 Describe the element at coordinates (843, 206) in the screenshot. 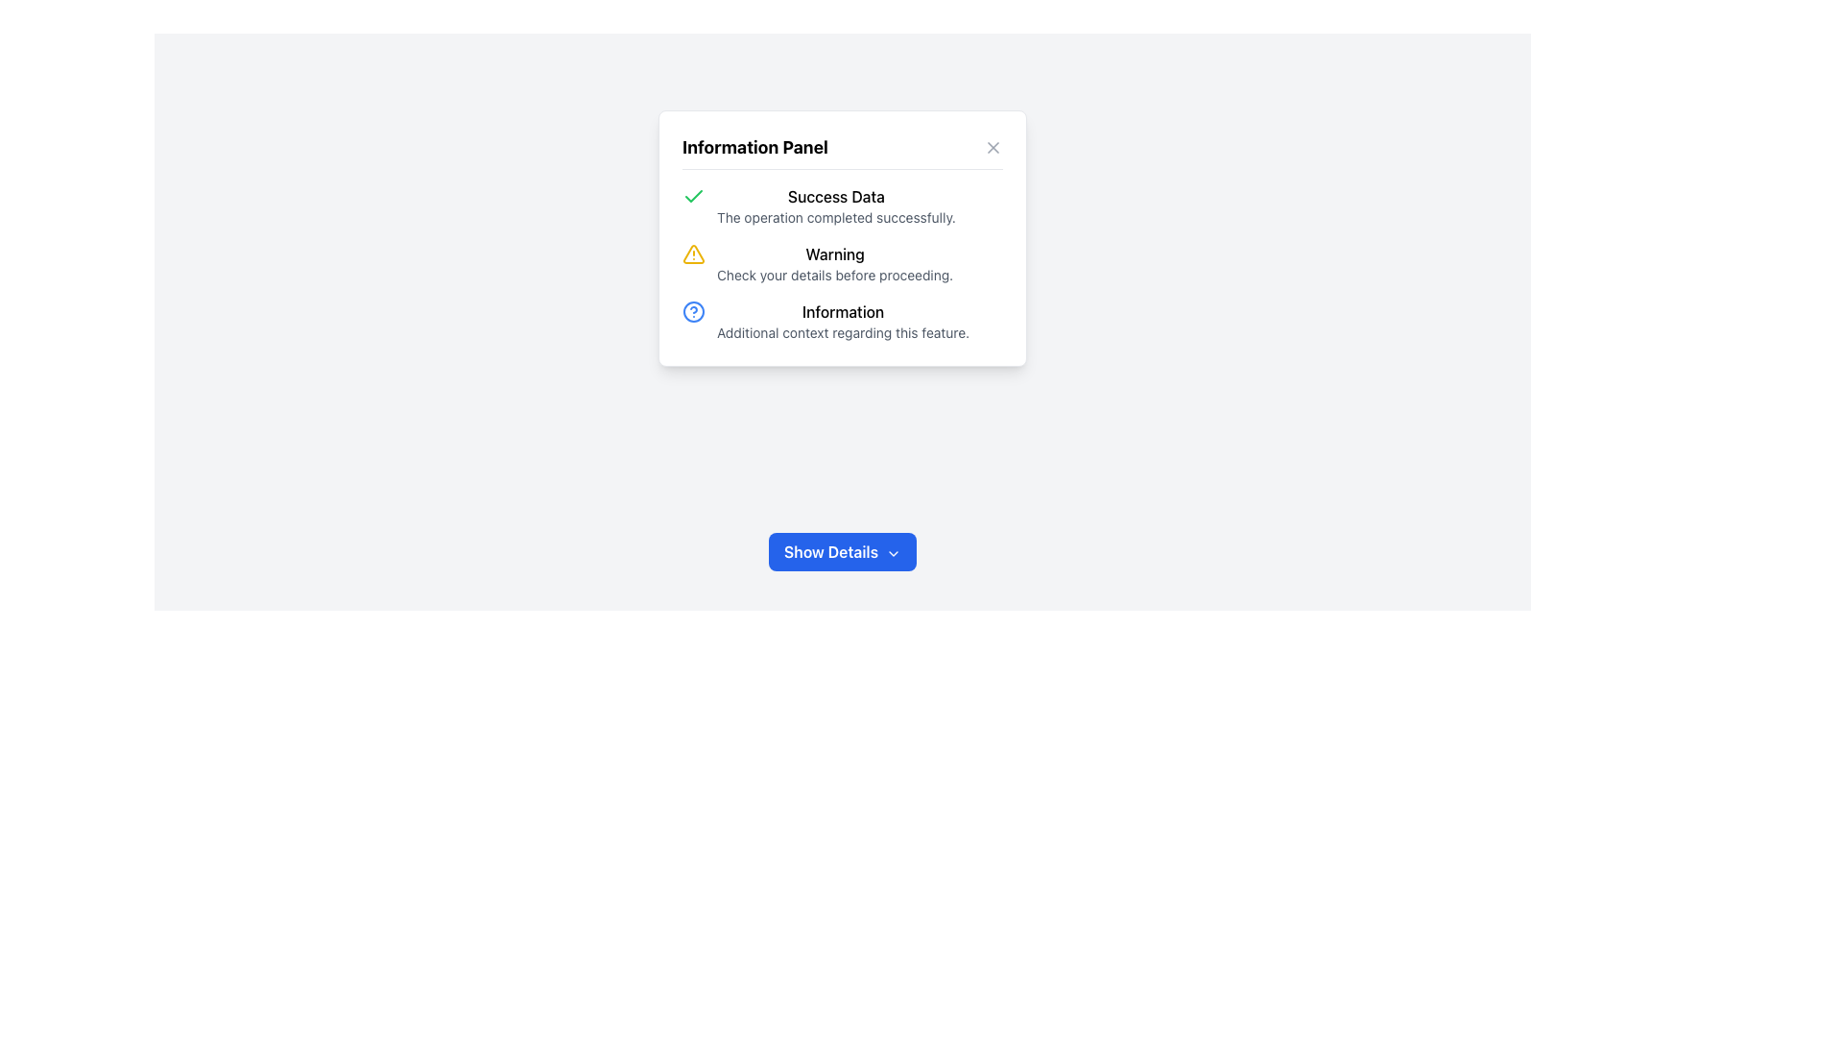

I see `the notification at the top of the notification panel to interact with potential interactive areas` at that location.